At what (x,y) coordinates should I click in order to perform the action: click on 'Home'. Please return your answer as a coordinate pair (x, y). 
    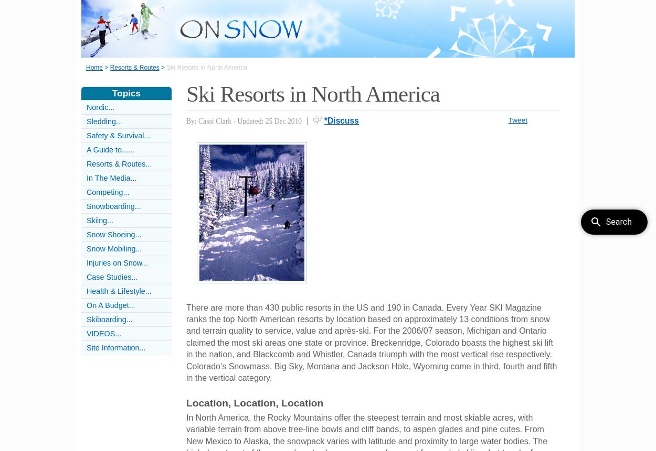
    Looking at the image, I should click on (94, 67).